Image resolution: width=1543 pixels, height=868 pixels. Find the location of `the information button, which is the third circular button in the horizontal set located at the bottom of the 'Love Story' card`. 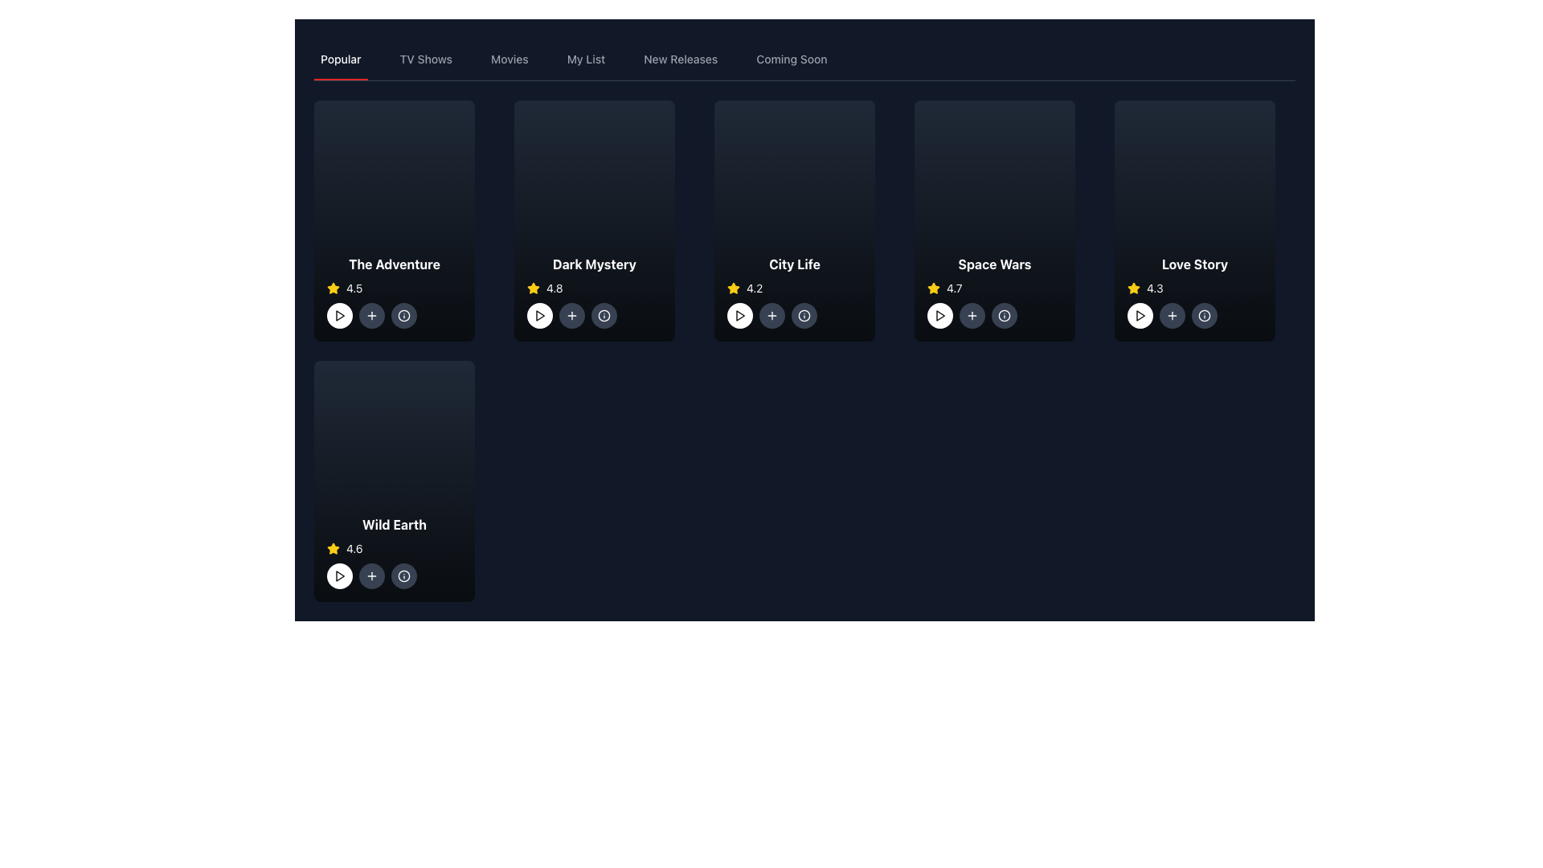

the information button, which is the third circular button in the horizontal set located at the bottom of the 'Love Story' card is located at coordinates (1195, 316).